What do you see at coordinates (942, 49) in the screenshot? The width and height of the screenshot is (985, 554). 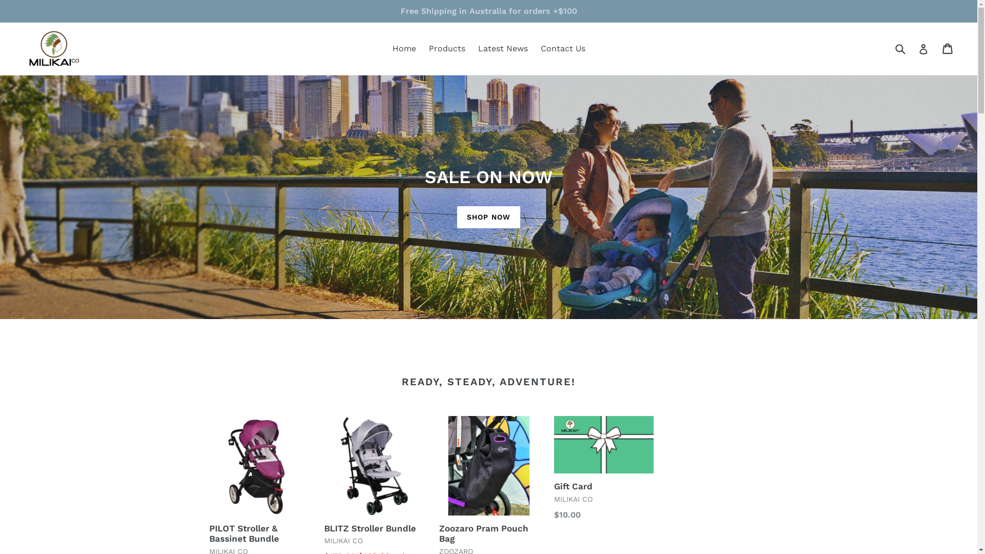 I see `'Cart` at bounding box center [942, 49].